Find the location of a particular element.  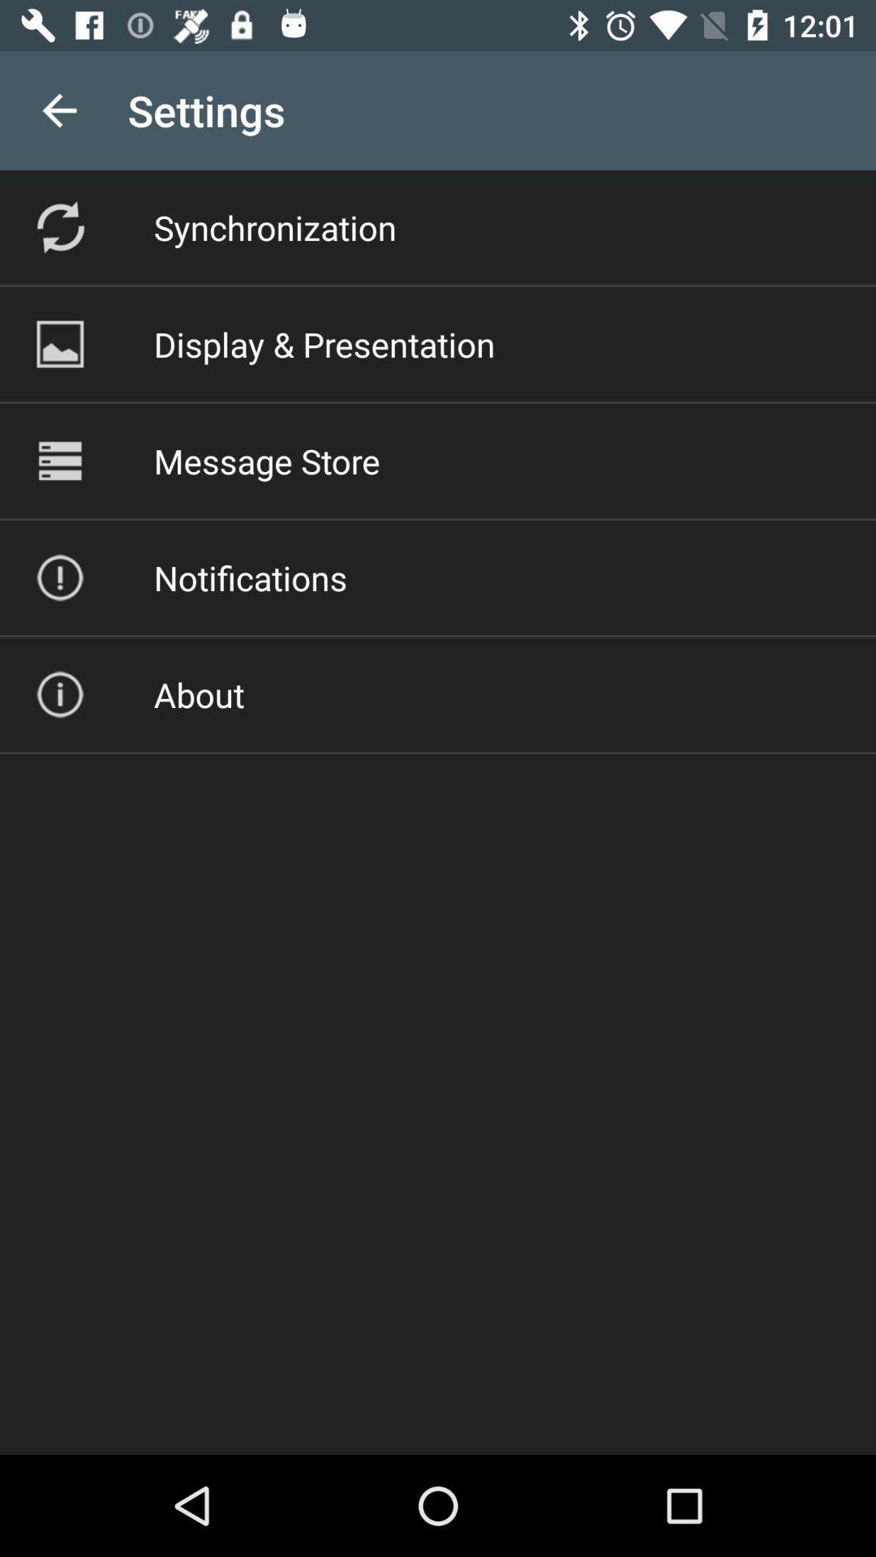

icon above the message store icon is located at coordinates (324, 343).